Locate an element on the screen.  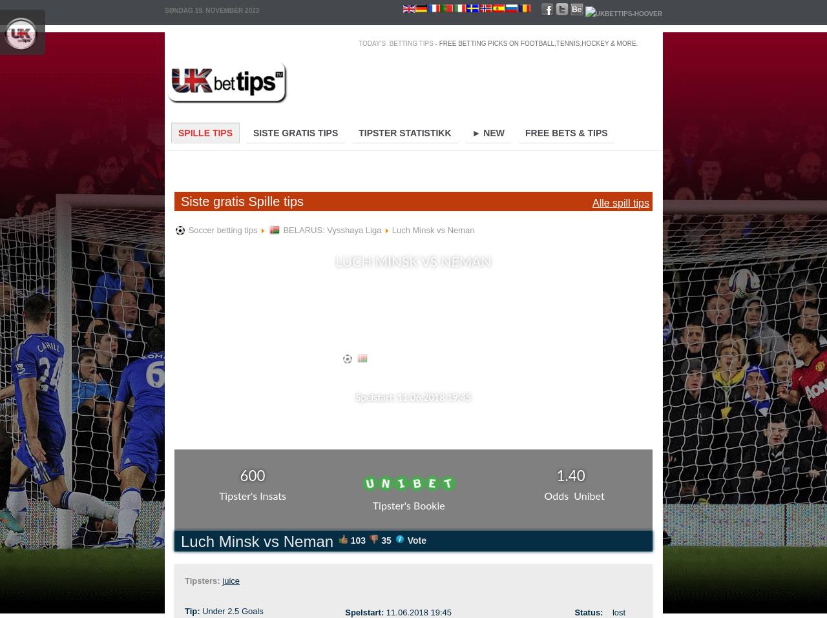
'Tip: " Under 2.5 Goals" offered at Odds 1.40' is located at coordinates (412, 295).